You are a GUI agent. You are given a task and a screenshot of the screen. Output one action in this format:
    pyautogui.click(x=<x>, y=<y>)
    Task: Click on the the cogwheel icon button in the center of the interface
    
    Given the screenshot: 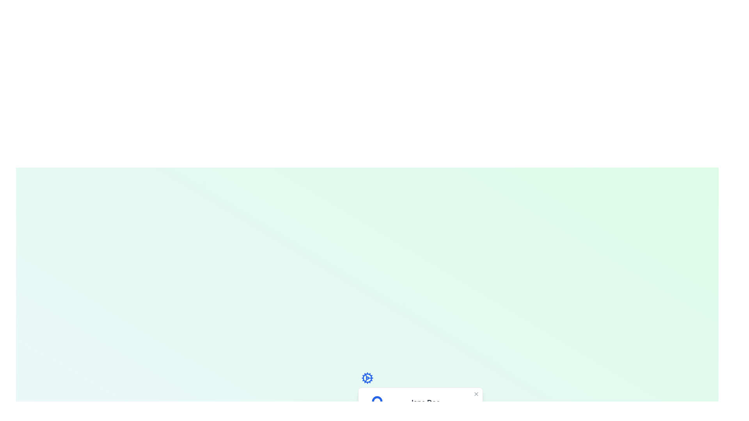 What is the action you would take?
    pyautogui.click(x=367, y=377)
    